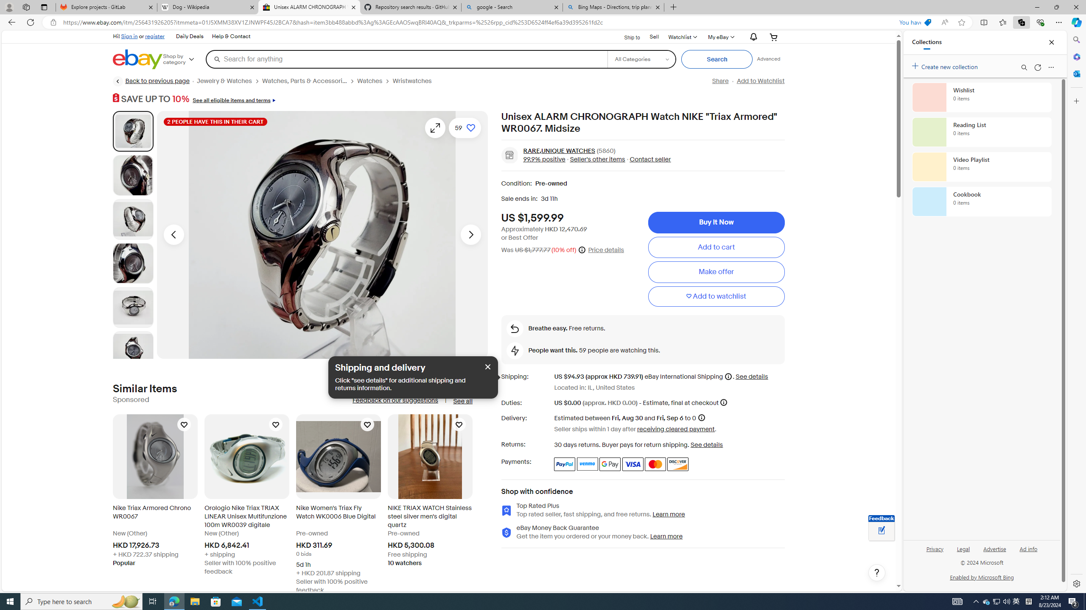  Describe the element at coordinates (716, 296) in the screenshot. I see `'Add to watchlist'` at that location.